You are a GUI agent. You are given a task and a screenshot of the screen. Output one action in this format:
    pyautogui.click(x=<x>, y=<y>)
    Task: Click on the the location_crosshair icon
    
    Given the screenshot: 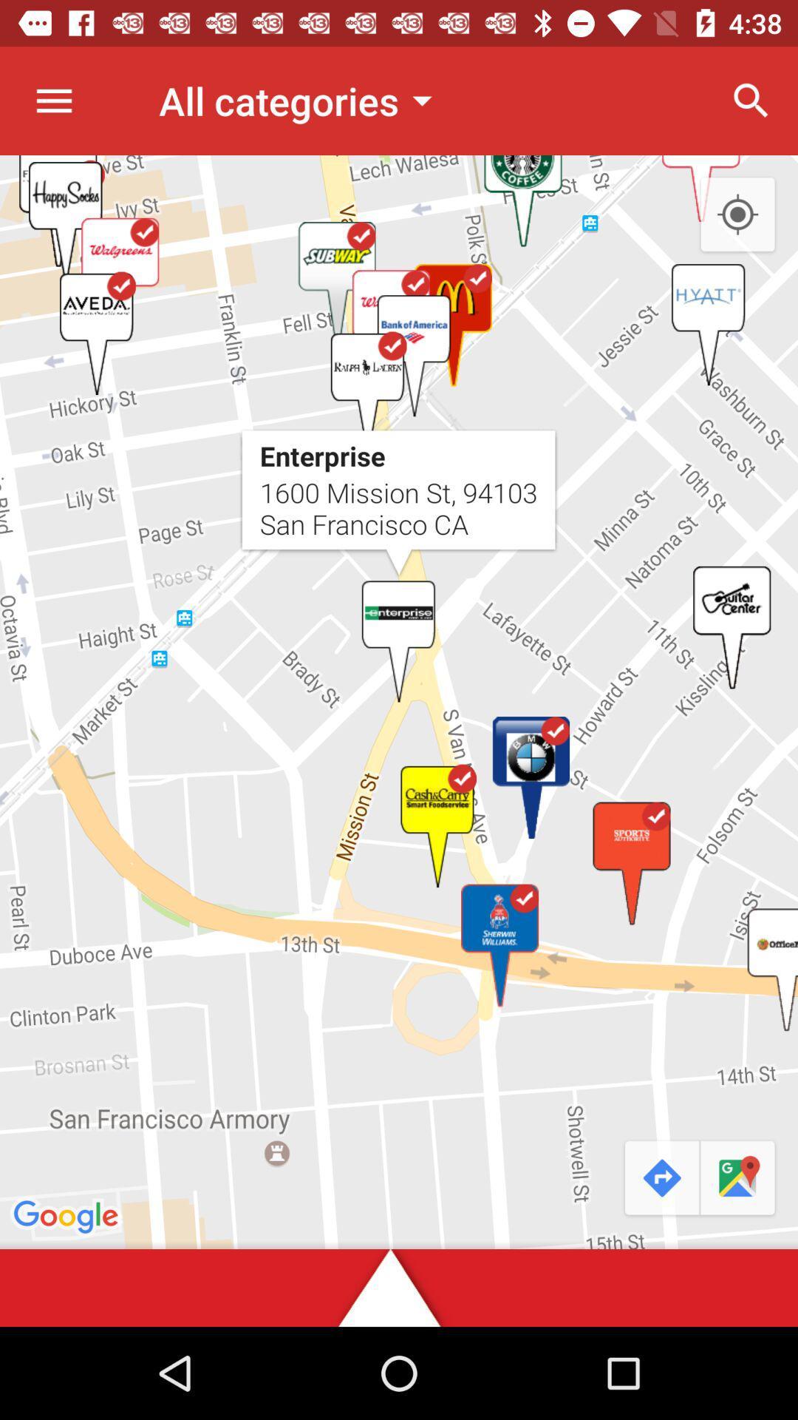 What is the action you would take?
    pyautogui.click(x=737, y=214)
    